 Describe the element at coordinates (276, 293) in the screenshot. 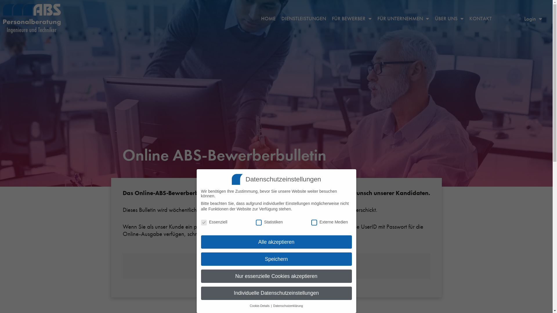

I see `'Individuelle Datenschutzeinstellungen'` at that location.